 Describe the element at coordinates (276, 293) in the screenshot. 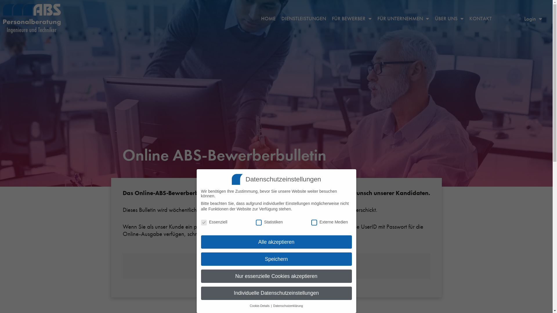

I see `'Individuelle Datenschutzeinstellungen'` at that location.